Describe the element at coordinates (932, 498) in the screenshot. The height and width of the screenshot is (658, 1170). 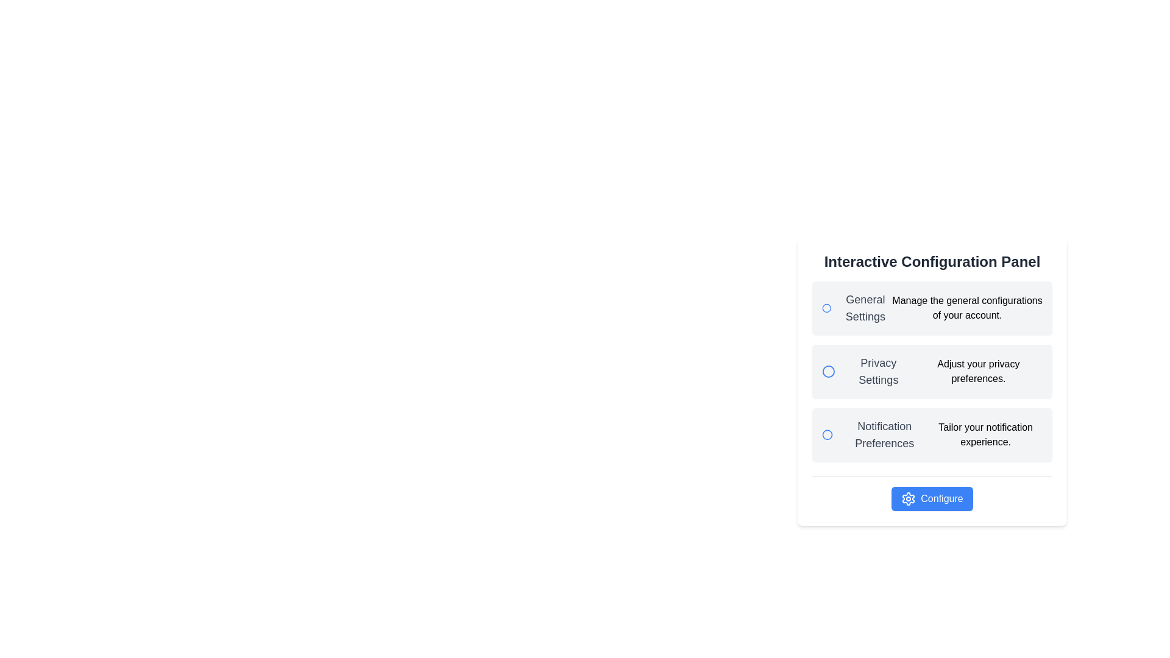
I see `the blue rectangular button labeled 'Configure' with a gear icon` at that location.